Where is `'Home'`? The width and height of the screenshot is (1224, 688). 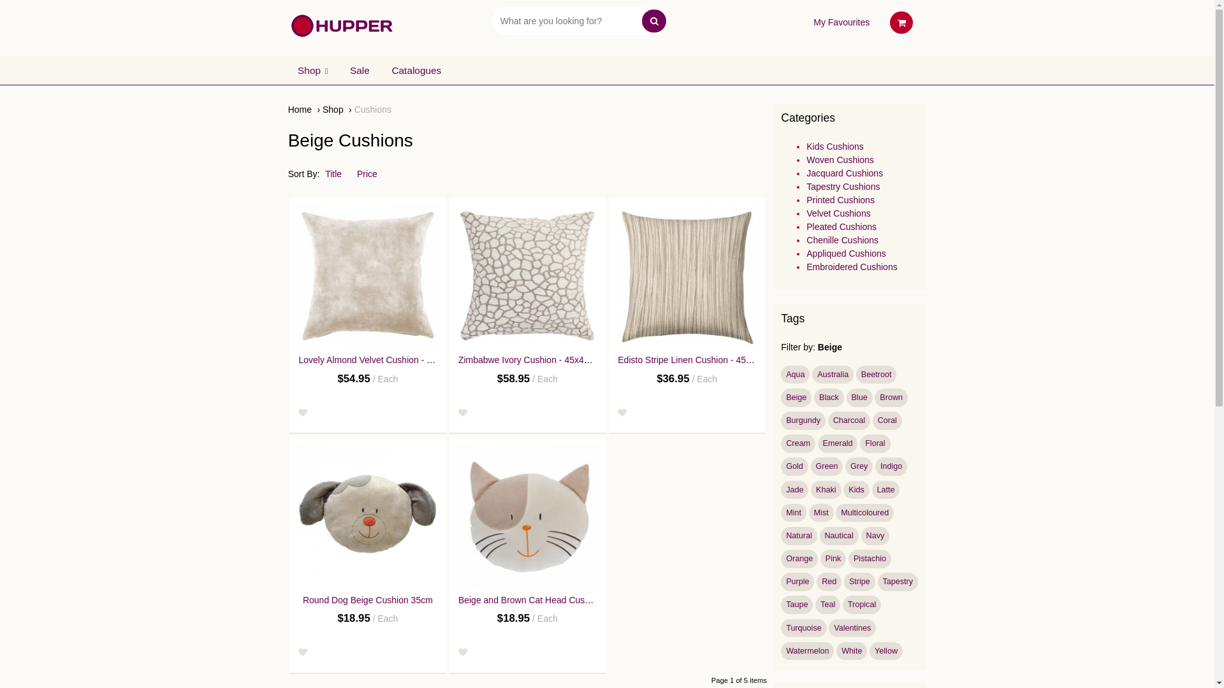
'Home' is located at coordinates (303, 109).